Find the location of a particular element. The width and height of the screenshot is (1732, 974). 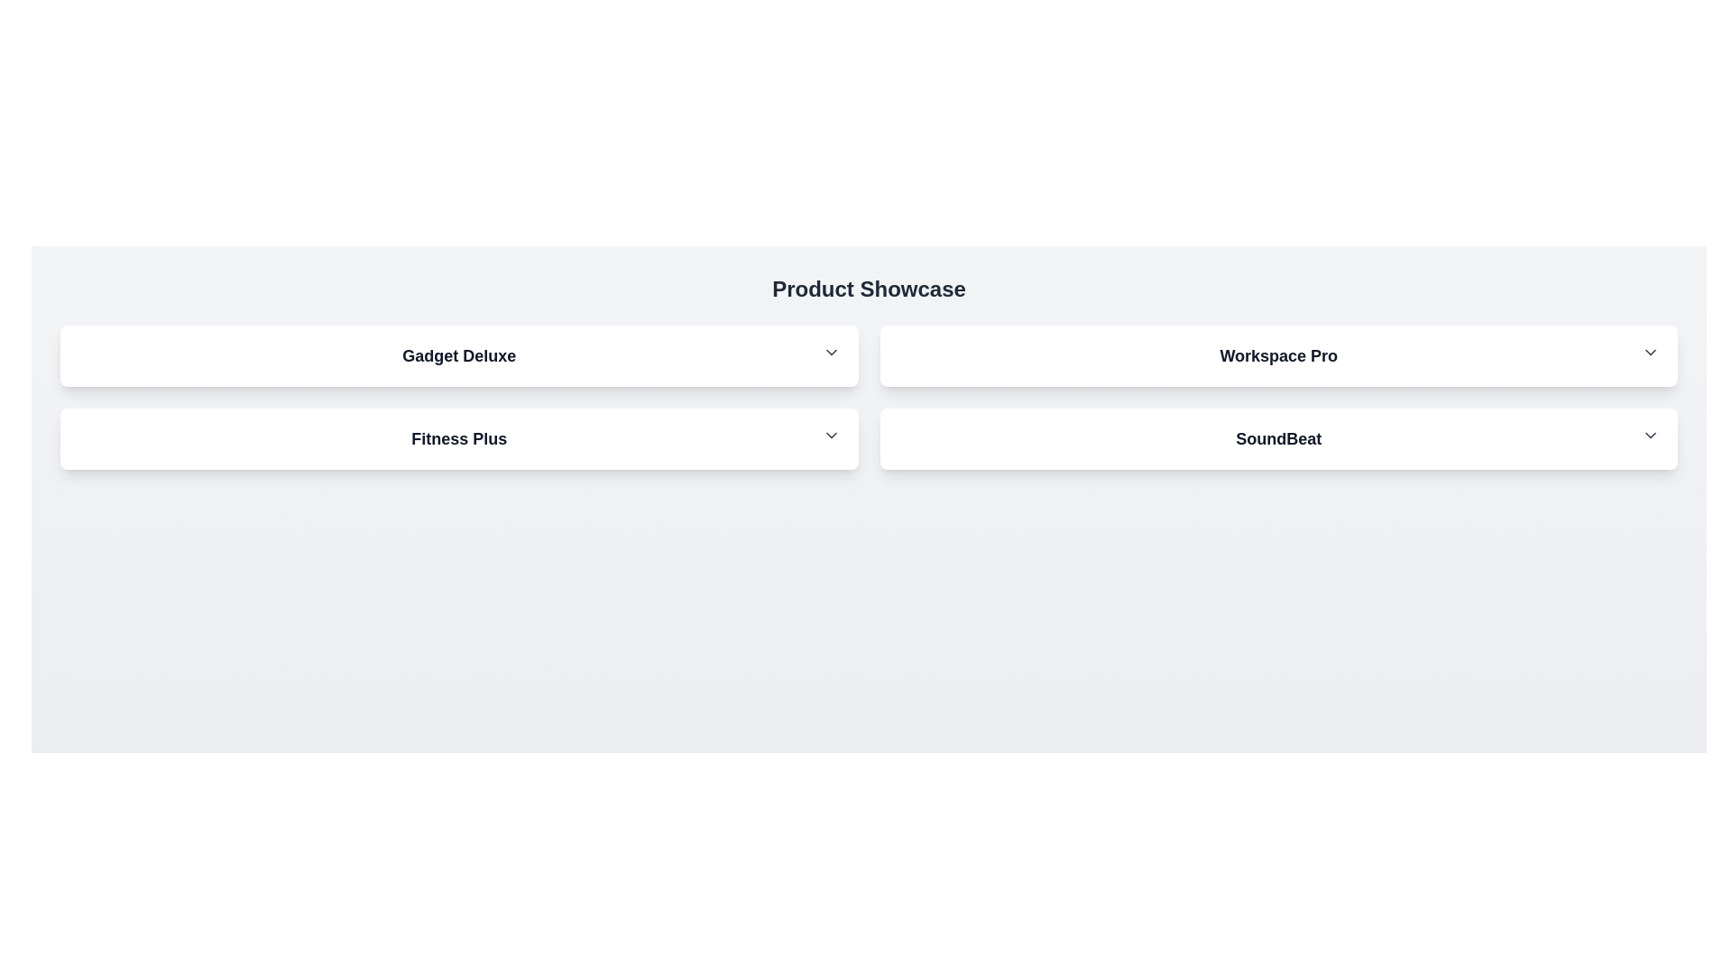

the Chevron Down icon located in the bottom-left rectangular card labeled 'Fitness Plus' to provide visual feedback is located at coordinates (830, 435).